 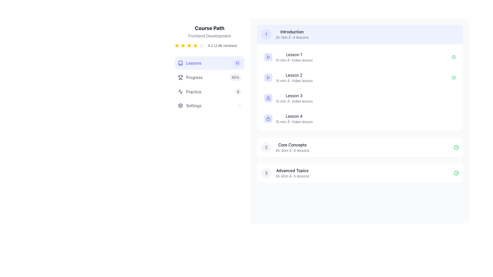 What do you see at coordinates (189, 92) in the screenshot?
I see `the 'Practice' text element located` at bounding box center [189, 92].